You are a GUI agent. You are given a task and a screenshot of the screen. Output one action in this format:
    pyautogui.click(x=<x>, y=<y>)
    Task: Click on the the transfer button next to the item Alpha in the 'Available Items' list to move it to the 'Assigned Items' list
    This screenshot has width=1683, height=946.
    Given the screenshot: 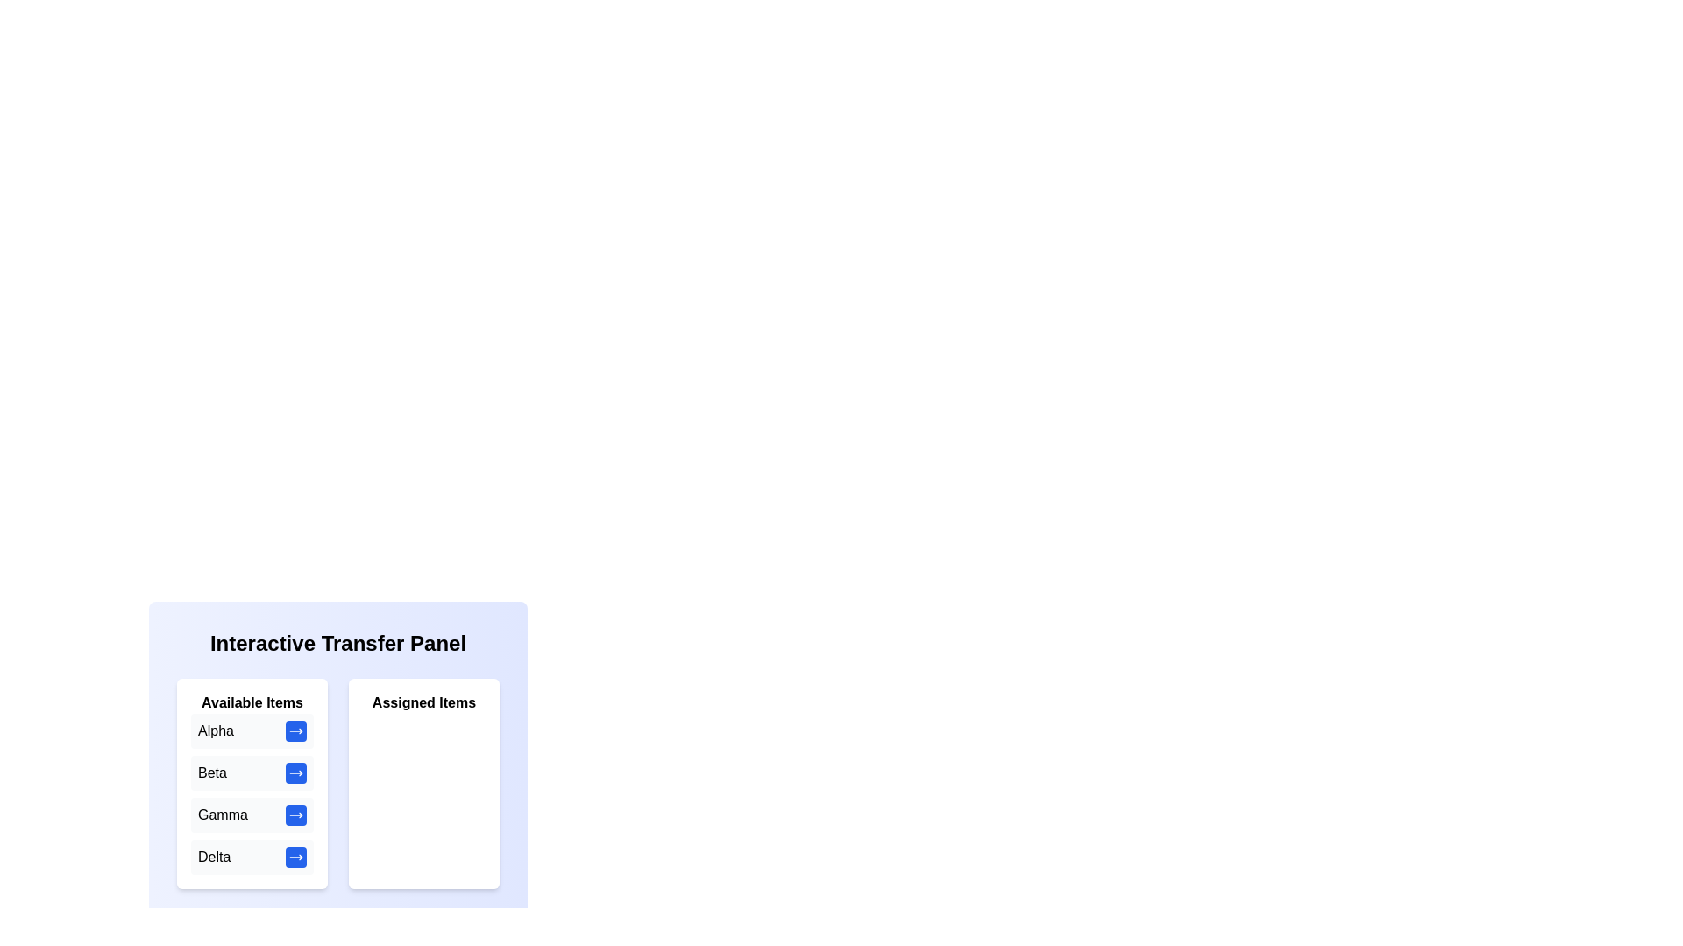 What is the action you would take?
    pyautogui.click(x=295, y=731)
    